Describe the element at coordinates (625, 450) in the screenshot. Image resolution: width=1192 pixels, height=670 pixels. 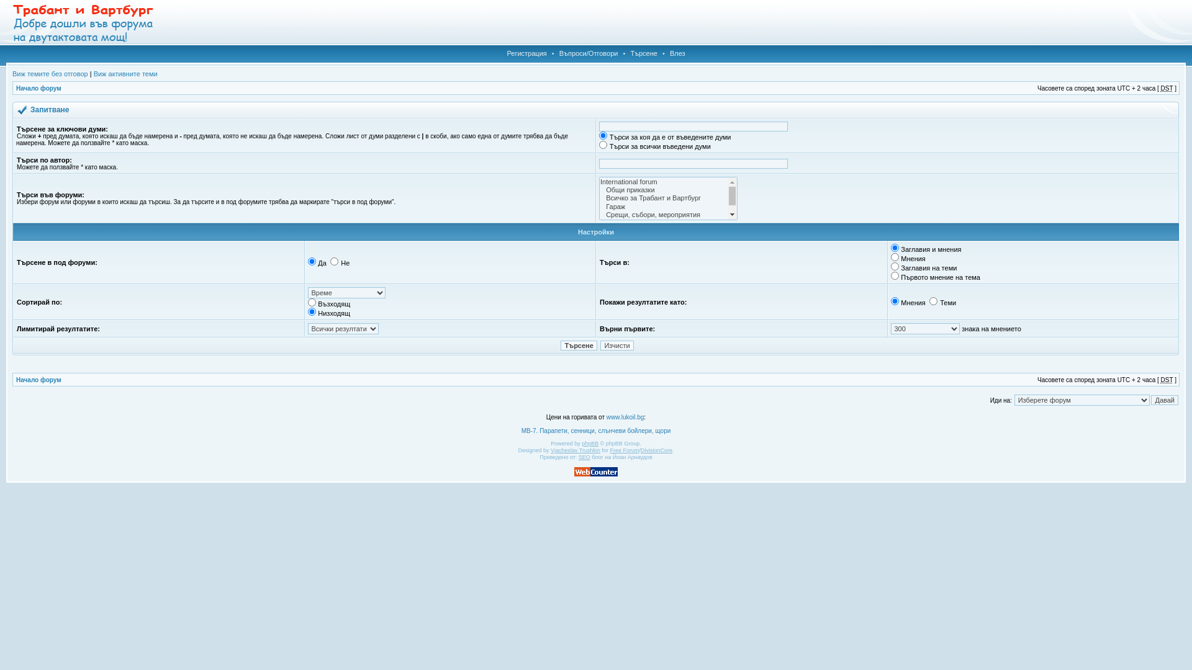
I see `'Free Forum'` at that location.